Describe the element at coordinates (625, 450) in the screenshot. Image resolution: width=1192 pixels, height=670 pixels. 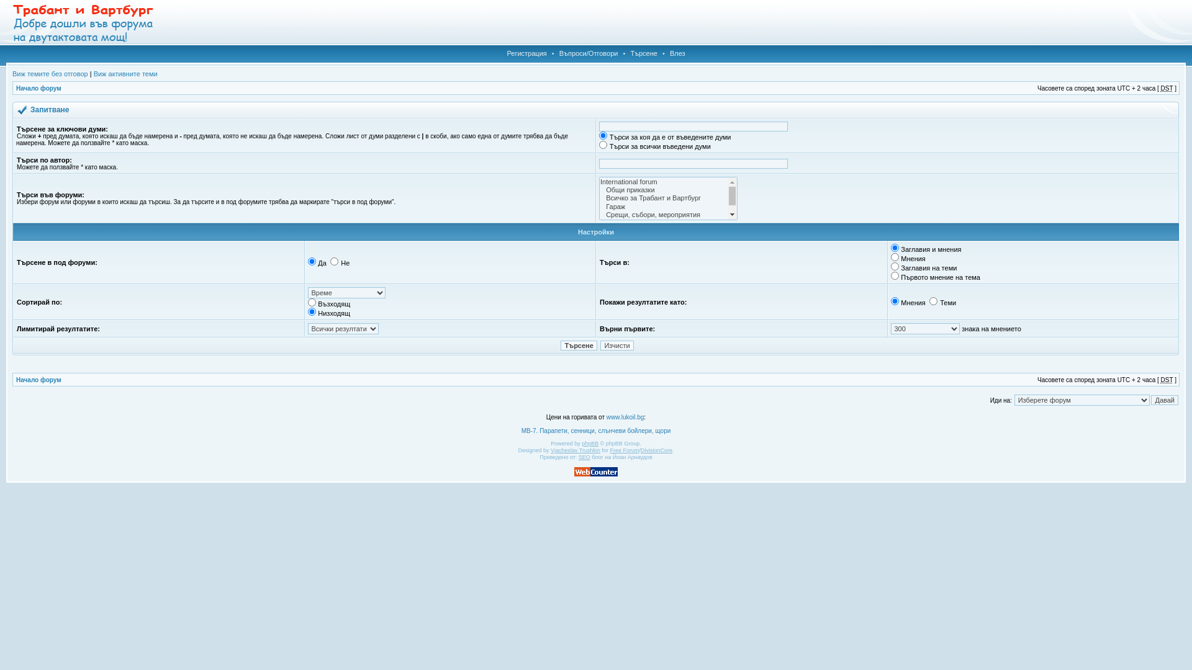
I see `'Free Forum'` at that location.